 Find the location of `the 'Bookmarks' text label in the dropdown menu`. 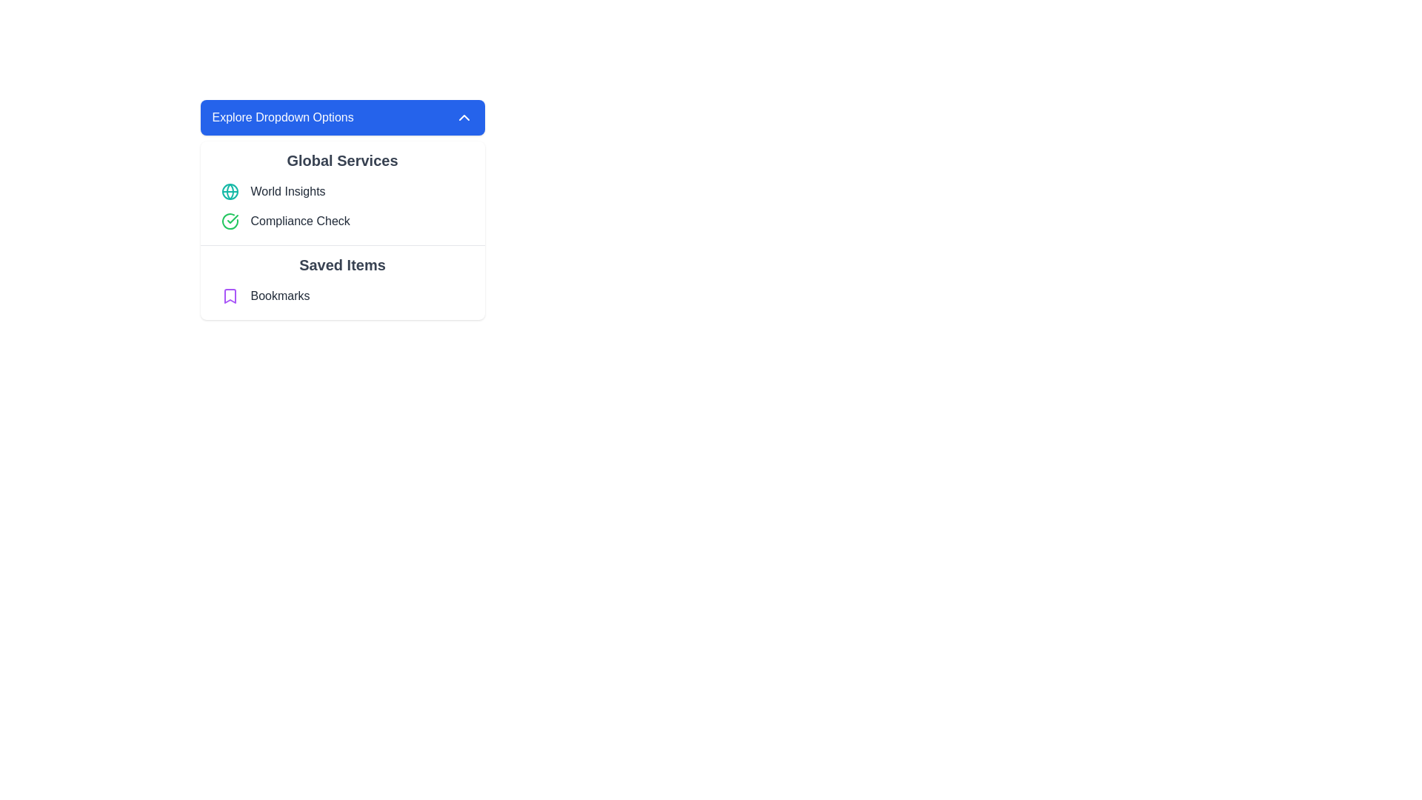

the 'Bookmarks' text label in the dropdown menu is located at coordinates (280, 296).